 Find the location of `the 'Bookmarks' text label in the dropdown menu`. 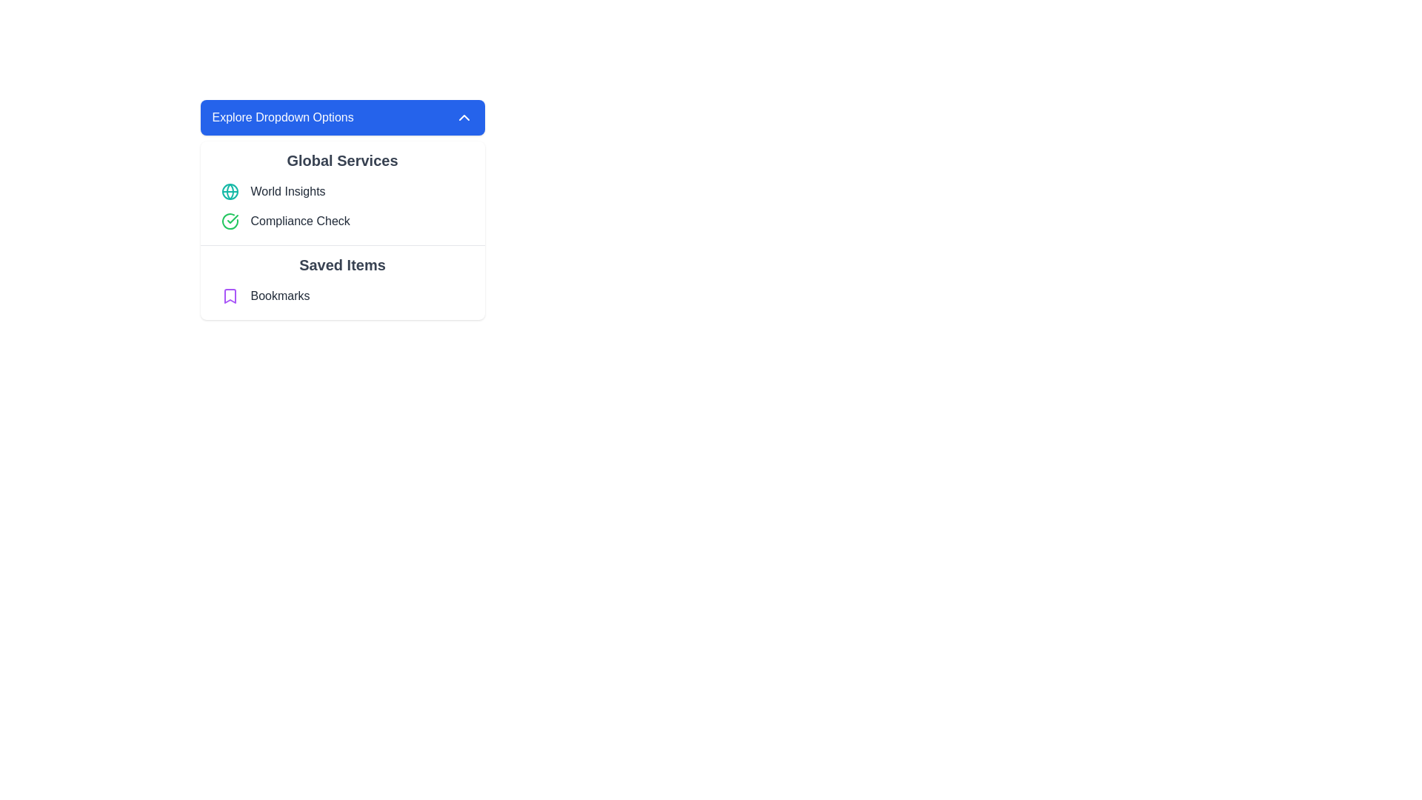

the 'Bookmarks' text label in the dropdown menu is located at coordinates (280, 296).